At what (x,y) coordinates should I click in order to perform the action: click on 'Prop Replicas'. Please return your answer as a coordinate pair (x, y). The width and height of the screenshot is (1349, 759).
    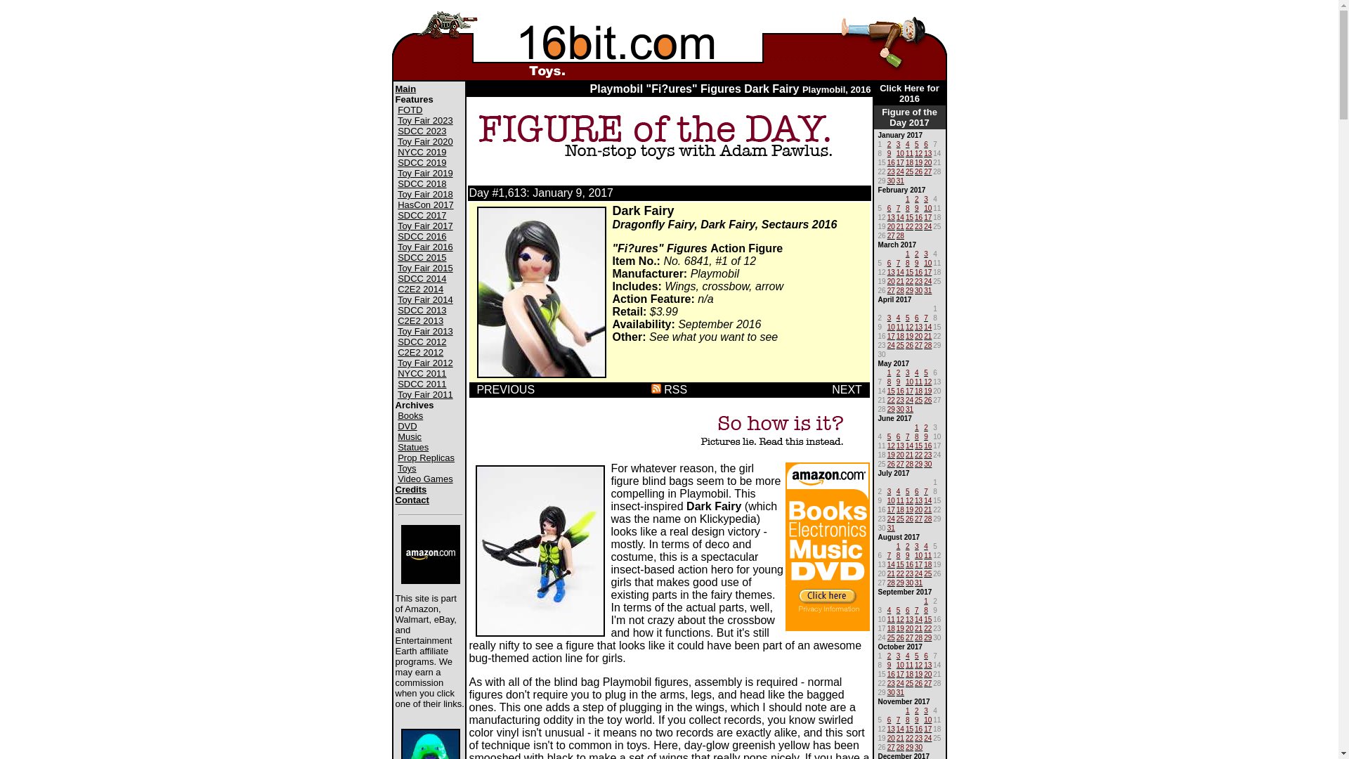
    Looking at the image, I should click on (397, 458).